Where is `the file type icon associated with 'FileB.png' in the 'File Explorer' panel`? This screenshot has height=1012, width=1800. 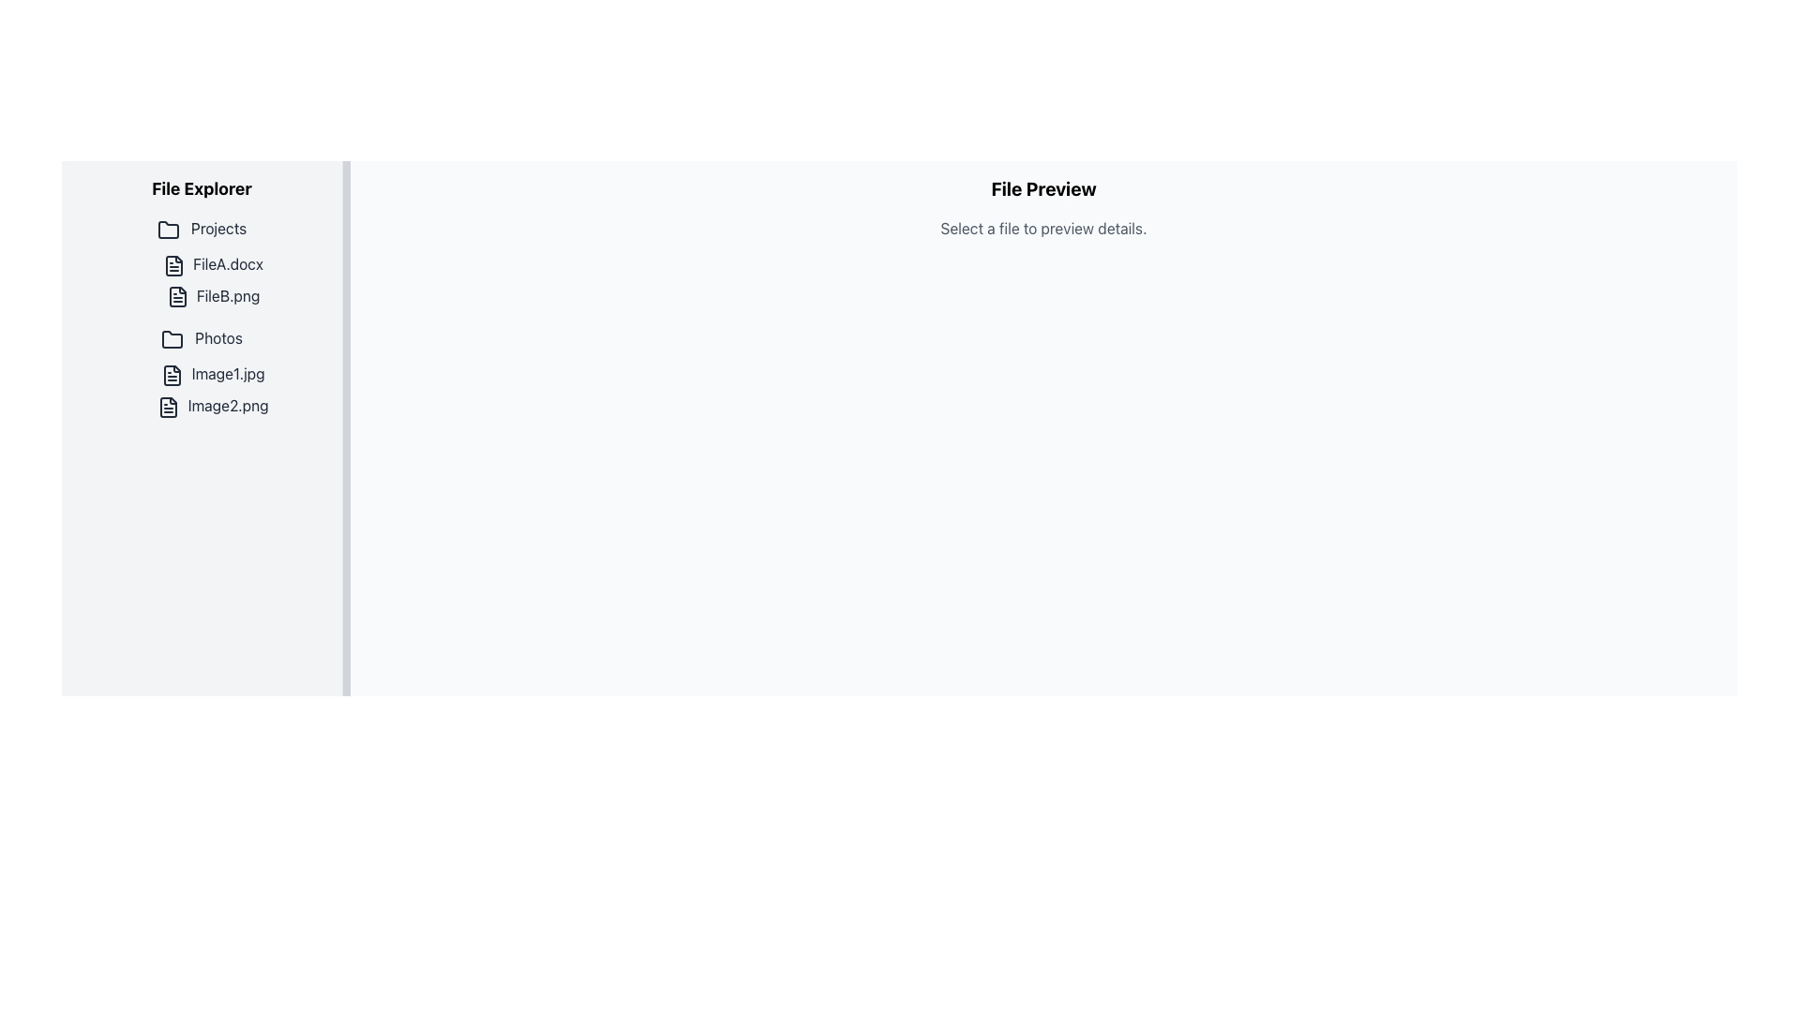 the file type icon associated with 'FileB.png' in the 'File Explorer' panel is located at coordinates (177, 296).